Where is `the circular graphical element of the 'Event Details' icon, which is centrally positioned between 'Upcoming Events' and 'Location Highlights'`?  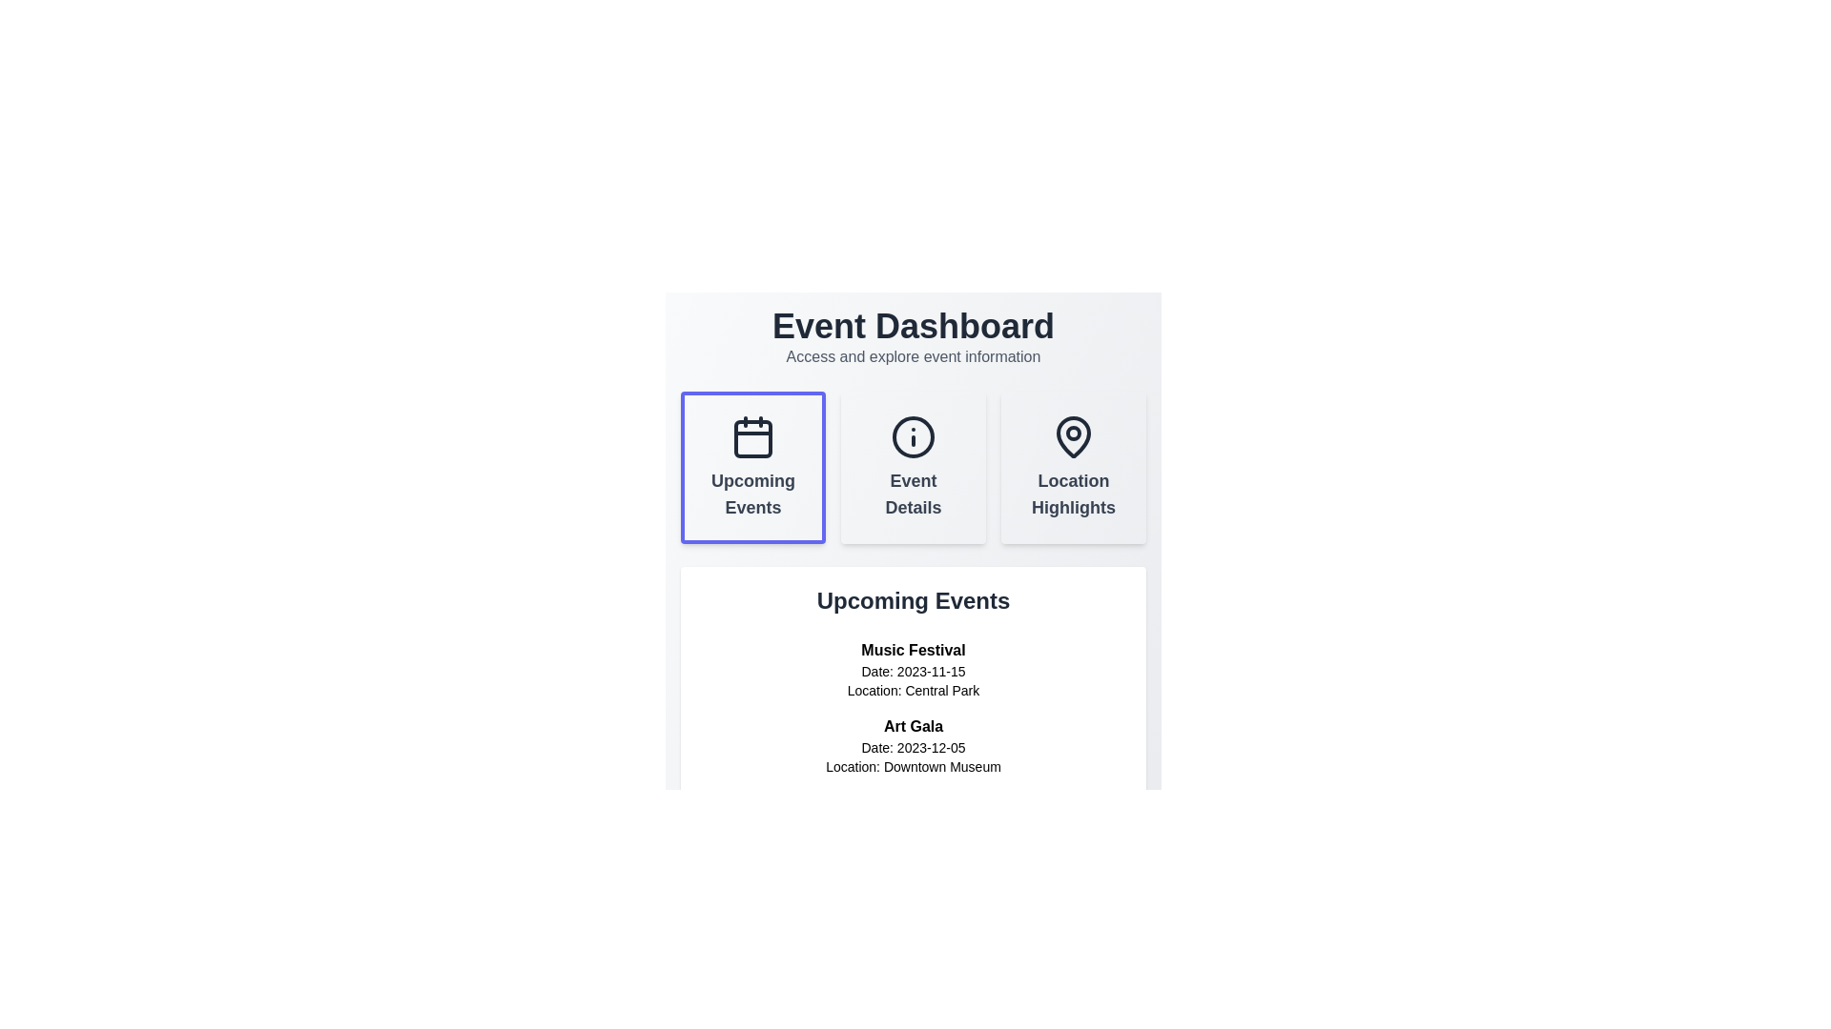
the circular graphical element of the 'Event Details' icon, which is centrally positioned between 'Upcoming Events' and 'Location Highlights' is located at coordinates (913, 437).